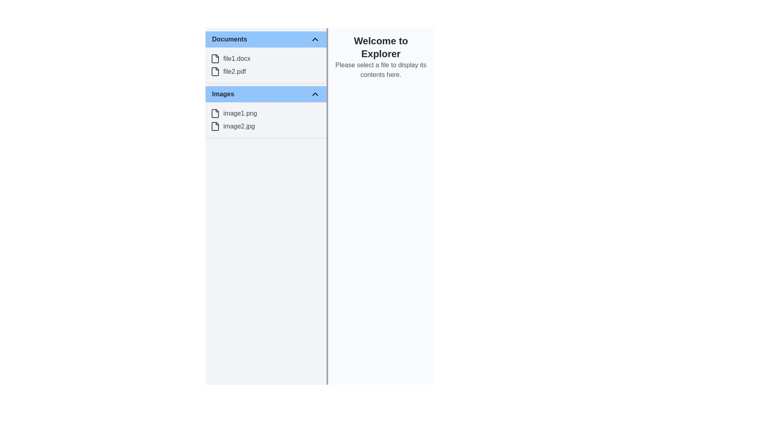 This screenshot has height=435, width=774. I want to click on the file icon representing 'file2.pdf' in the 'Documents' section of the interface, so click(215, 71).